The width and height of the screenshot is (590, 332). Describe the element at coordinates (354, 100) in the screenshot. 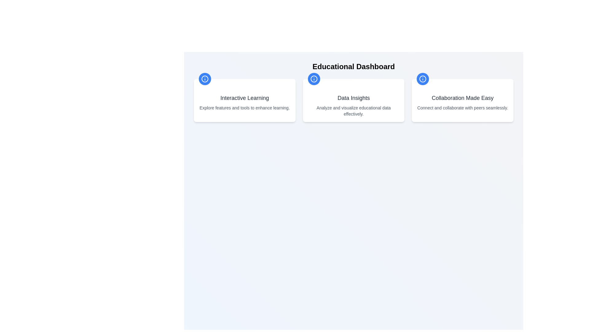

I see `the Informational card titled 'Data Insights' which has a white background and a subtle shadow, located in the second position of a three-column grid layout` at that location.